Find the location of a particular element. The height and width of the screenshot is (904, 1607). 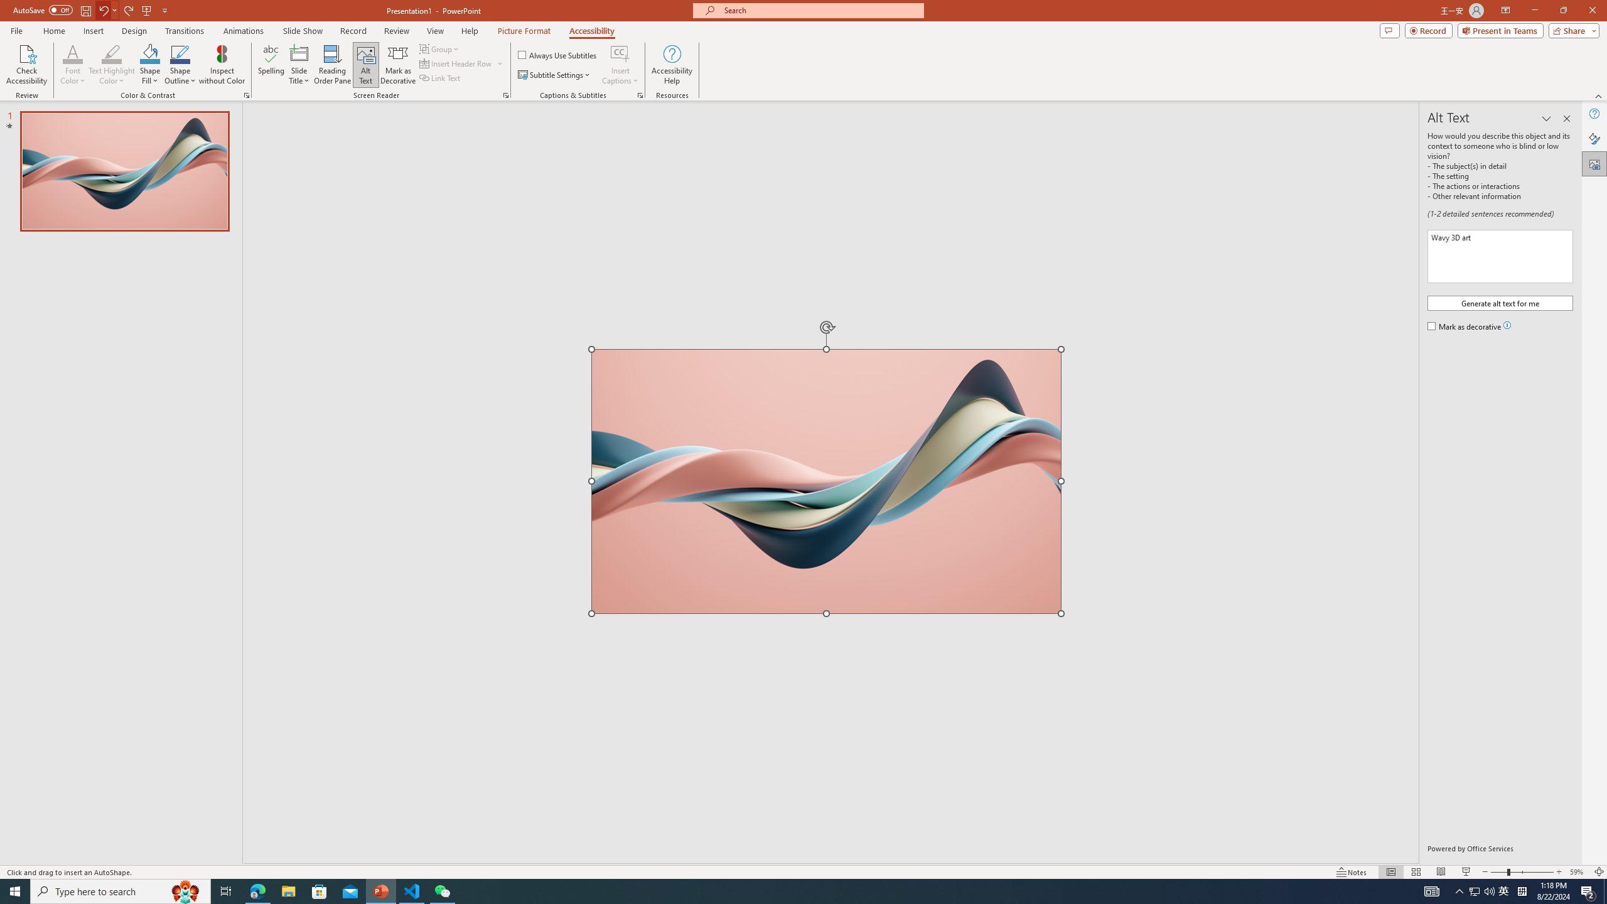

'Mark as Decorative' is located at coordinates (397, 65).